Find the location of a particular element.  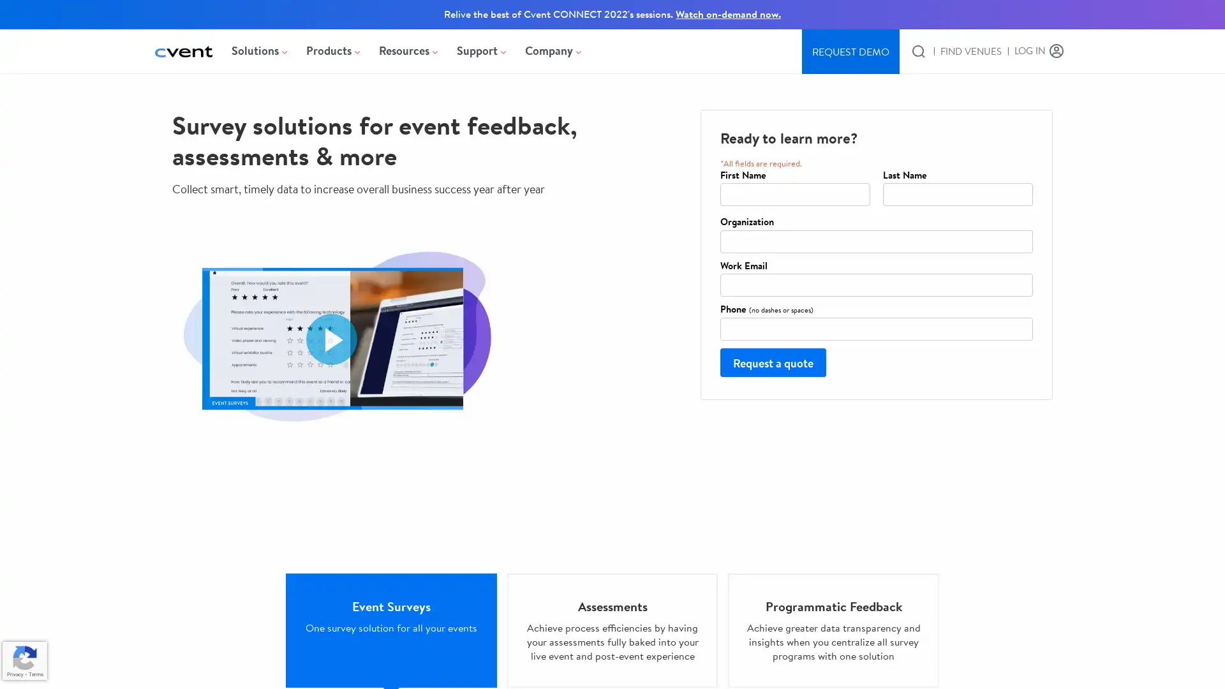

Play video Survey Solutions. Opens in a modal is located at coordinates (331, 338).